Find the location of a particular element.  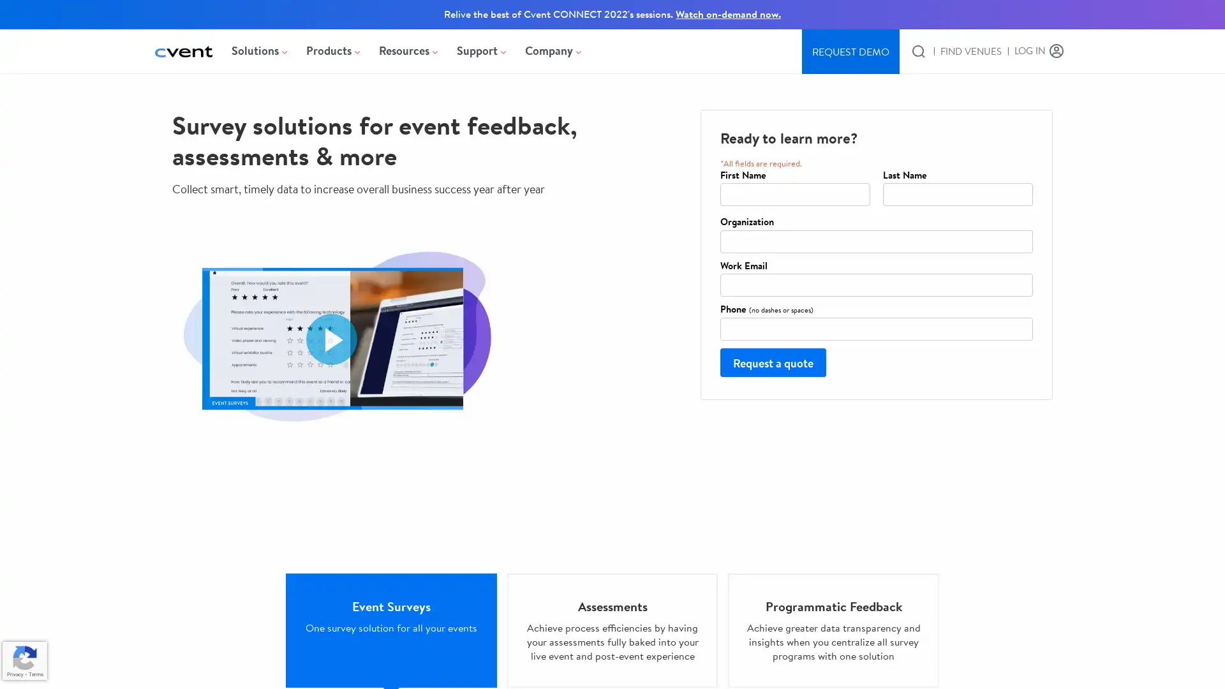

Play video Survey Solutions. Opens in a modal is located at coordinates (331, 338).